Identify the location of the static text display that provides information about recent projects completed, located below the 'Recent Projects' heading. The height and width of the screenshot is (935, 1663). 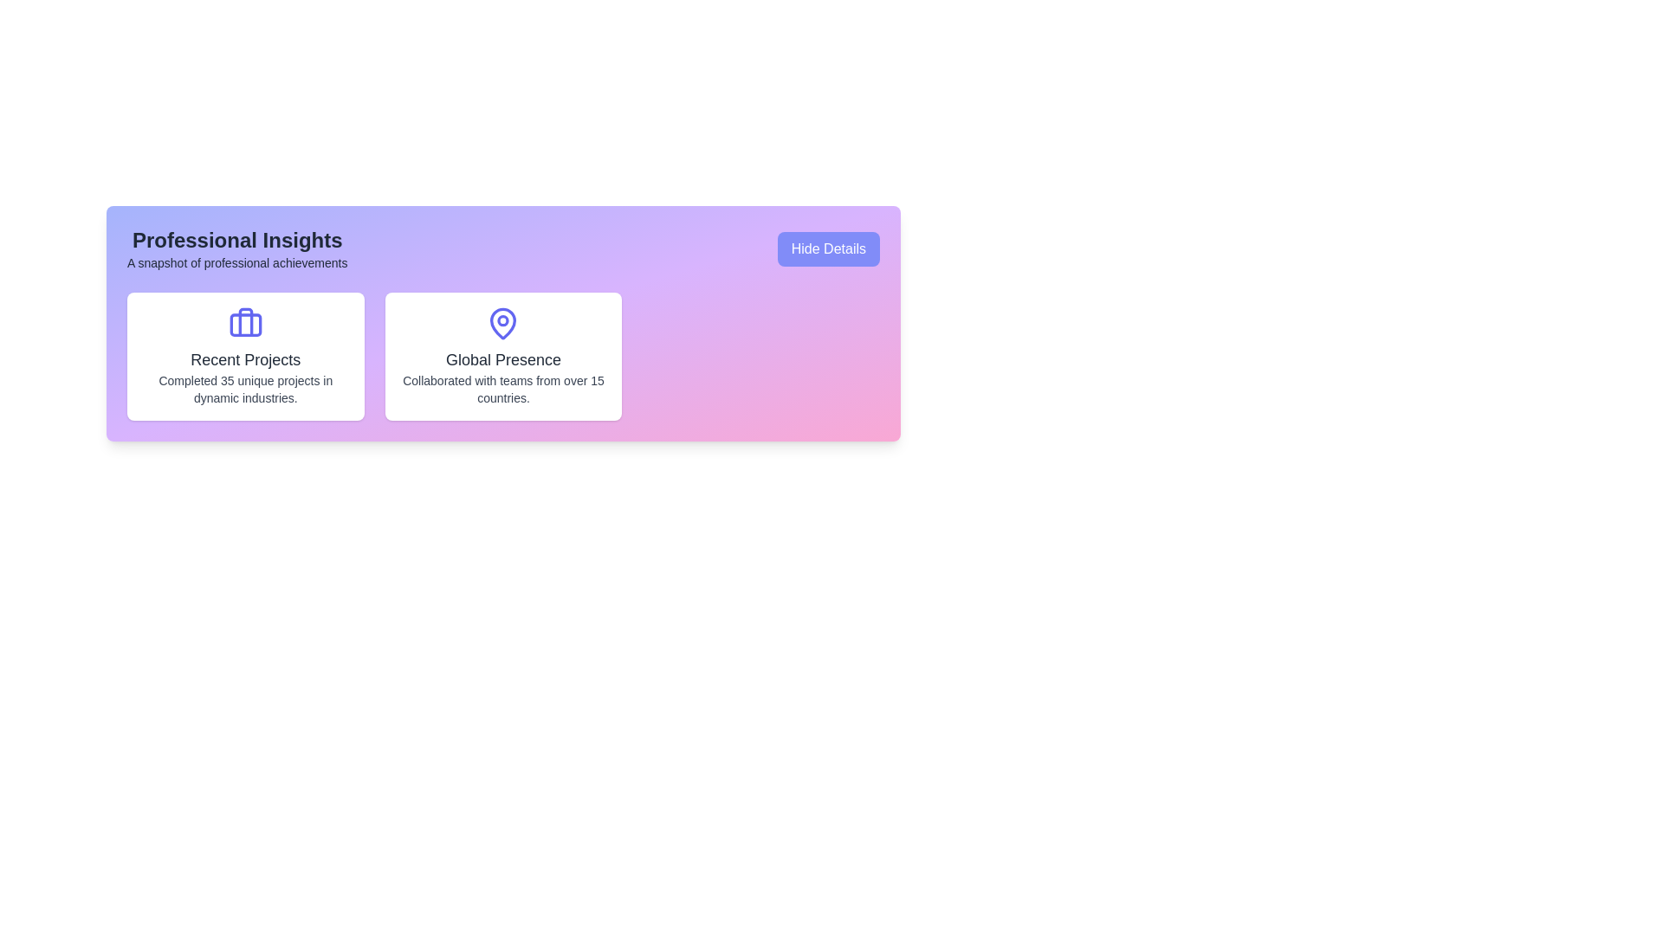
(244, 390).